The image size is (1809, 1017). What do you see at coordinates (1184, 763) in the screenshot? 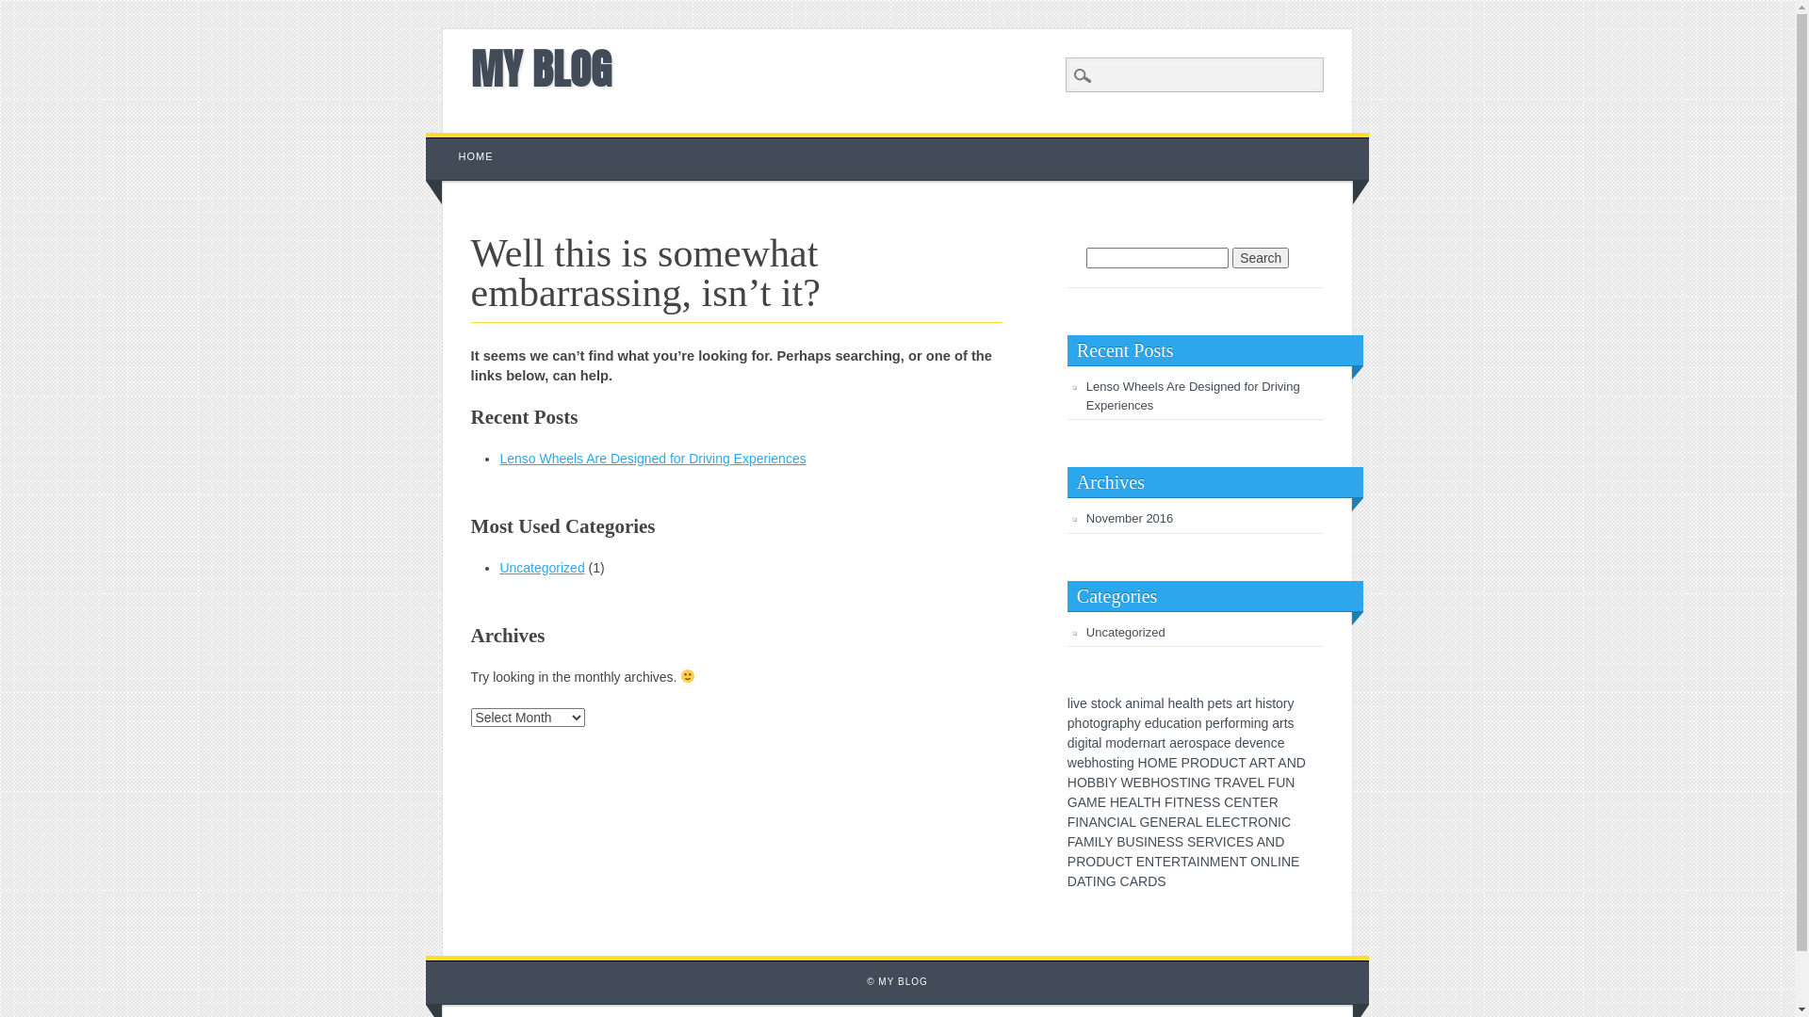
I see `'P'` at bounding box center [1184, 763].